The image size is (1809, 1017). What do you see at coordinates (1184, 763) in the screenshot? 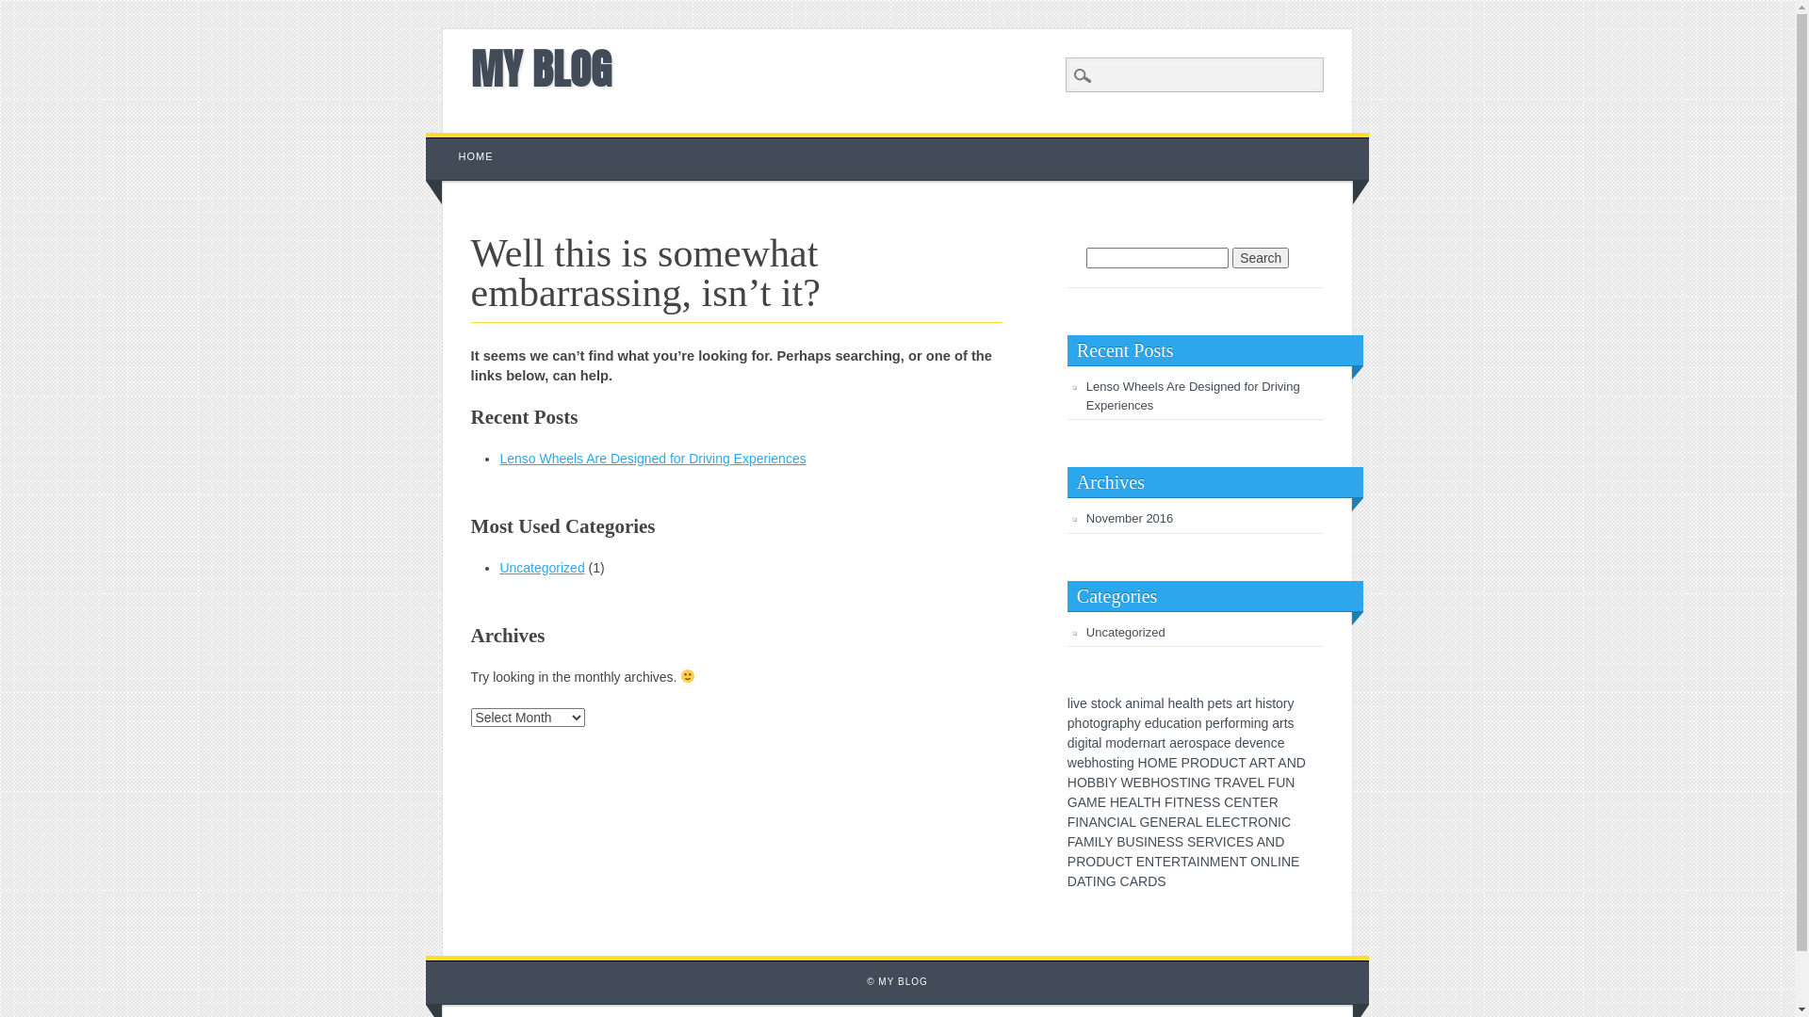
I see `'P'` at bounding box center [1184, 763].